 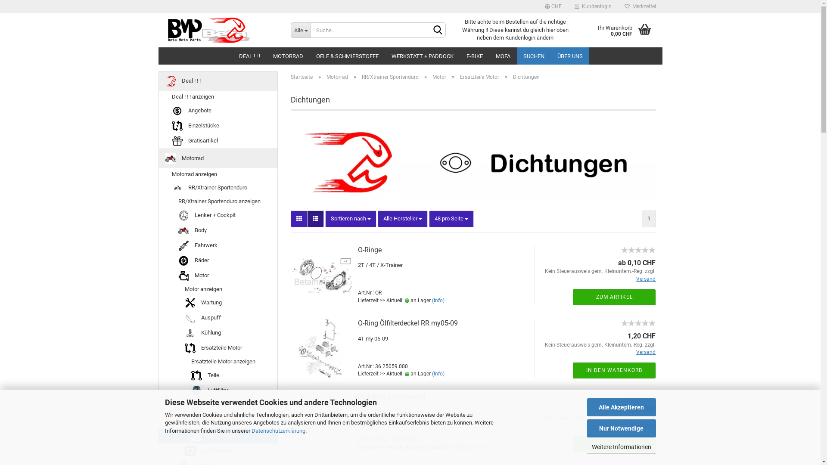 What do you see at coordinates (422, 56) in the screenshot?
I see `'WERKSTATT + PADDOCK'` at bounding box center [422, 56].